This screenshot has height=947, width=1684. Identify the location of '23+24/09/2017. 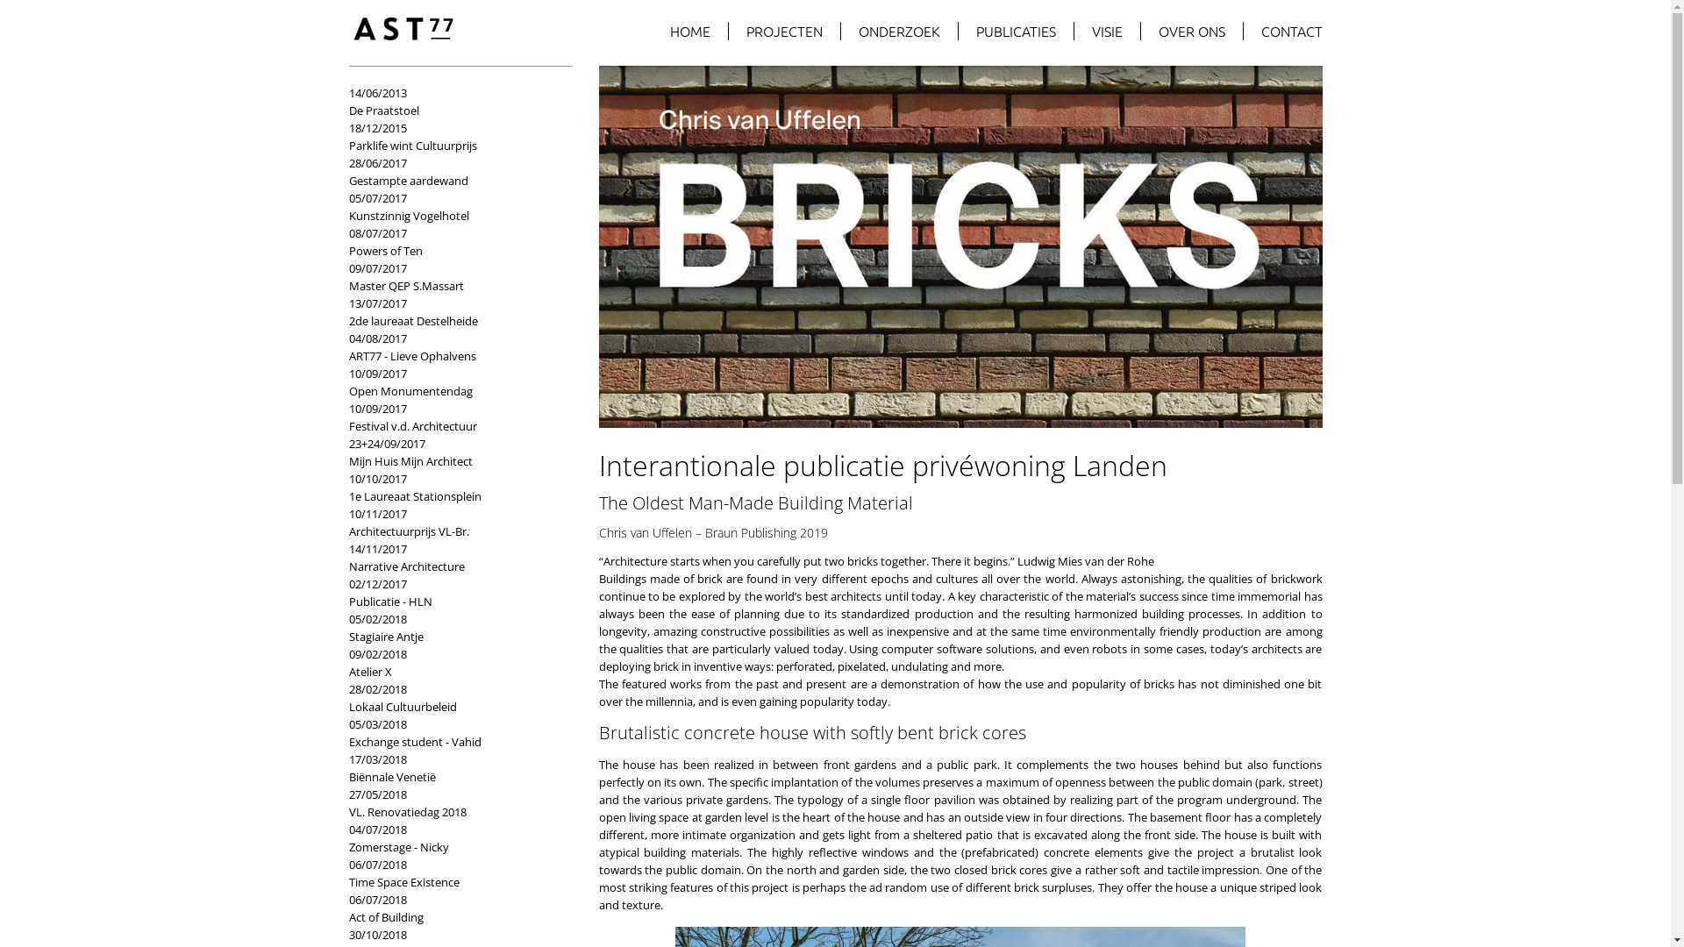
(452, 452).